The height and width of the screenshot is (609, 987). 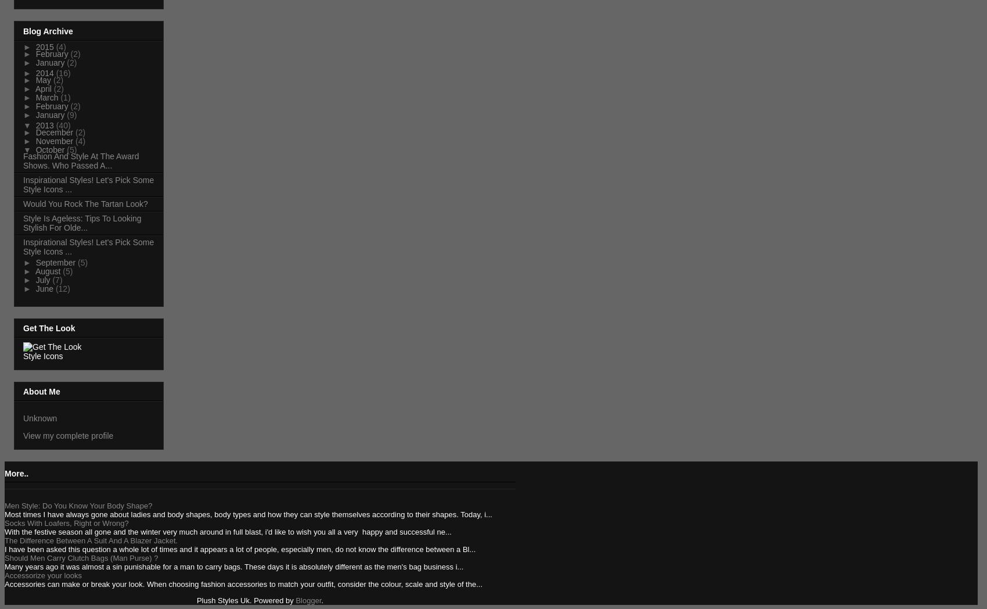 I want to click on 'With the festive season all gone and the winter very much around in full blast, i'd like to wish you all a very  happy and successful ne...', so click(x=4, y=531).